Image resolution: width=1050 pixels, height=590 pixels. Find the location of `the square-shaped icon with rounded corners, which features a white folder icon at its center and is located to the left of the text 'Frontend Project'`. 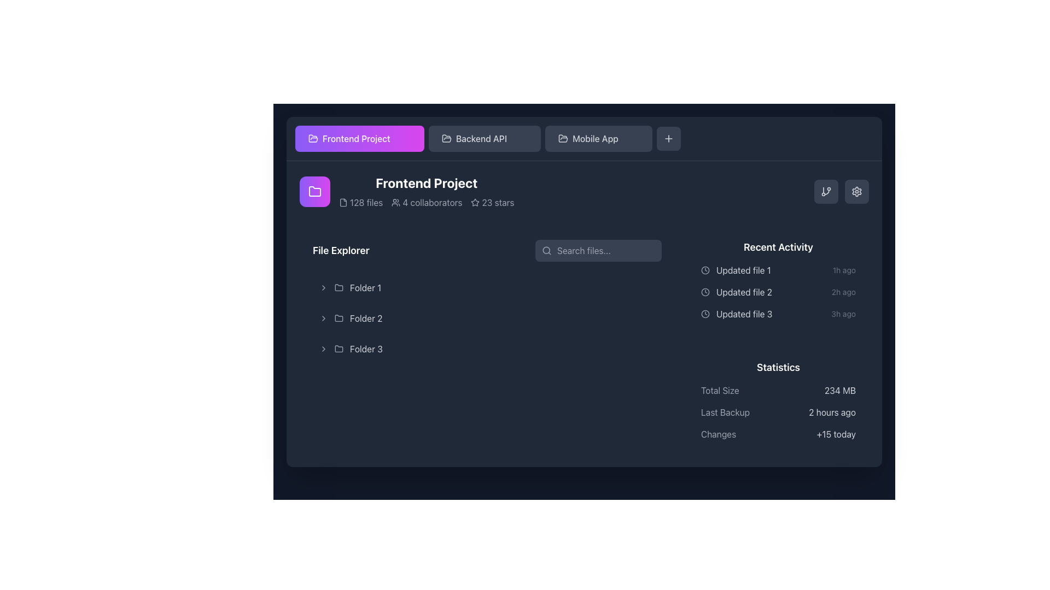

the square-shaped icon with rounded corners, which features a white folder icon at its center and is located to the left of the text 'Frontend Project' is located at coordinates (314, 191).